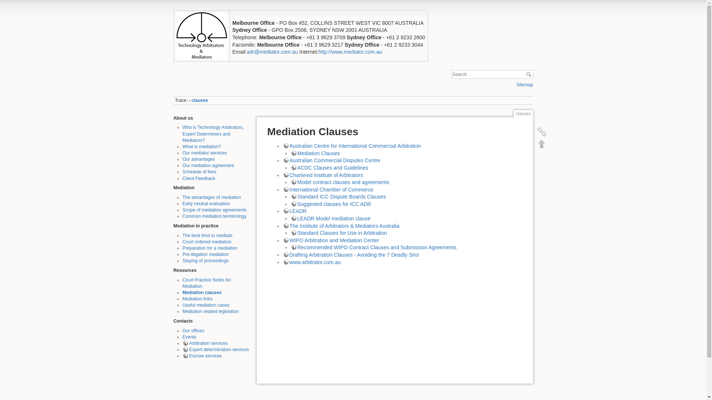 The height and width of the screenshot is (400, 712). What do you see at coordinates (492, 74) in the screenshot?
I see `'[F]'` at bounding box center [492, 74].